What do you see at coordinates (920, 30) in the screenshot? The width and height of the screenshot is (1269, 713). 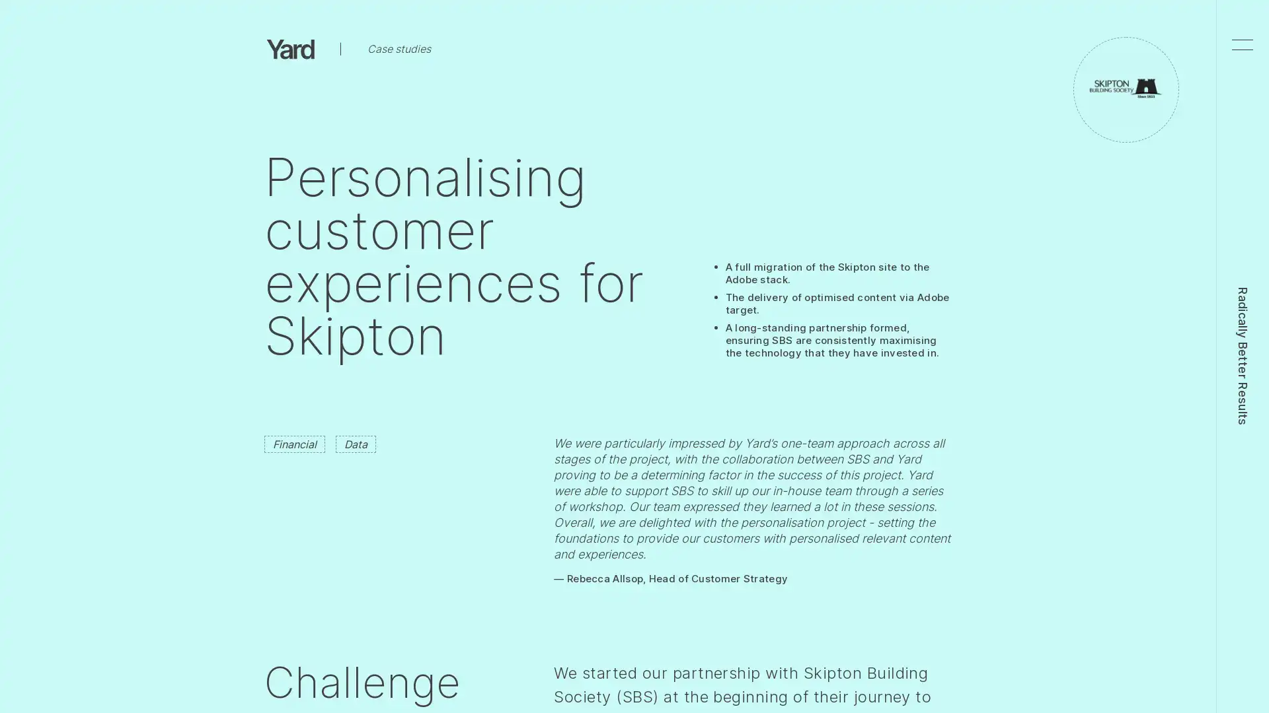 I see `Accept` at bounding box center [920, 30].